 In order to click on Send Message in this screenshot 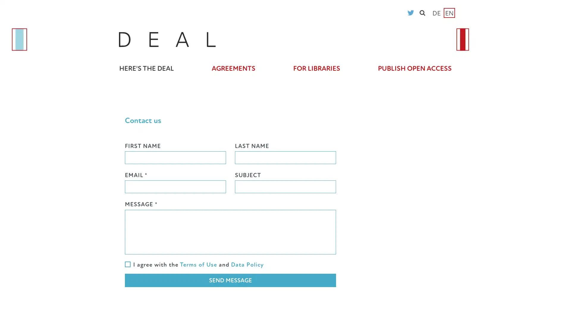, I will do `click(230, 281)`.